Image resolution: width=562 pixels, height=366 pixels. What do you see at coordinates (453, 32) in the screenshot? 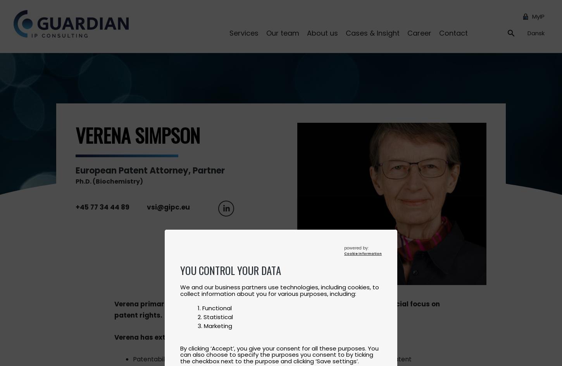
I see `'Contact'` at bounding box center [453, 32].